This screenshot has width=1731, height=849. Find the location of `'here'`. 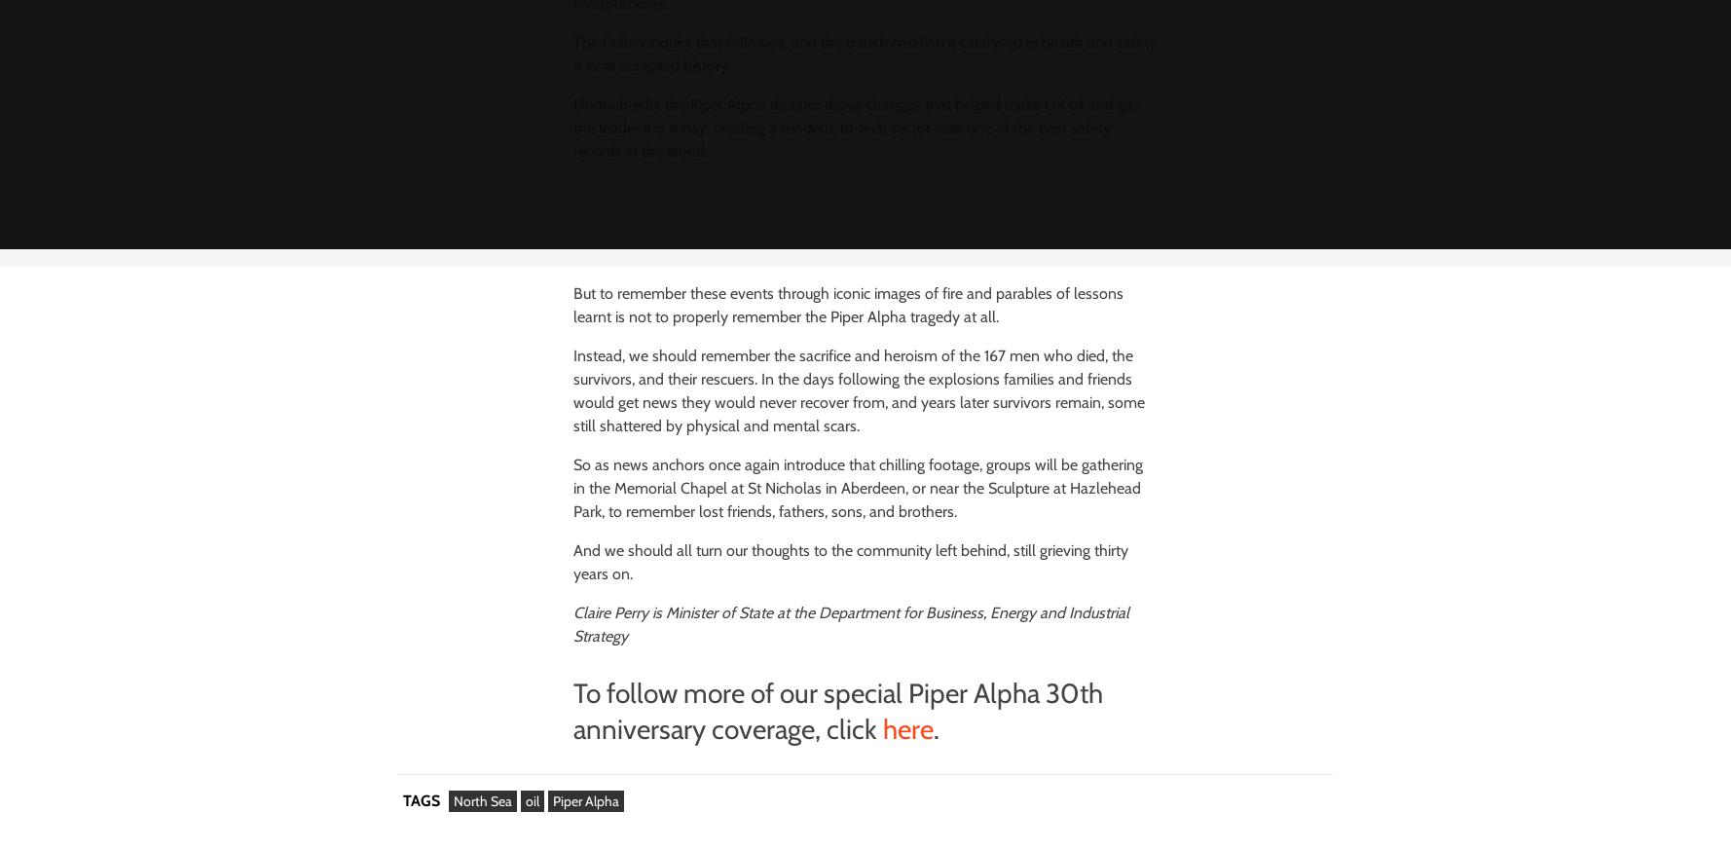

'here' is located at coordinates (882, 727).